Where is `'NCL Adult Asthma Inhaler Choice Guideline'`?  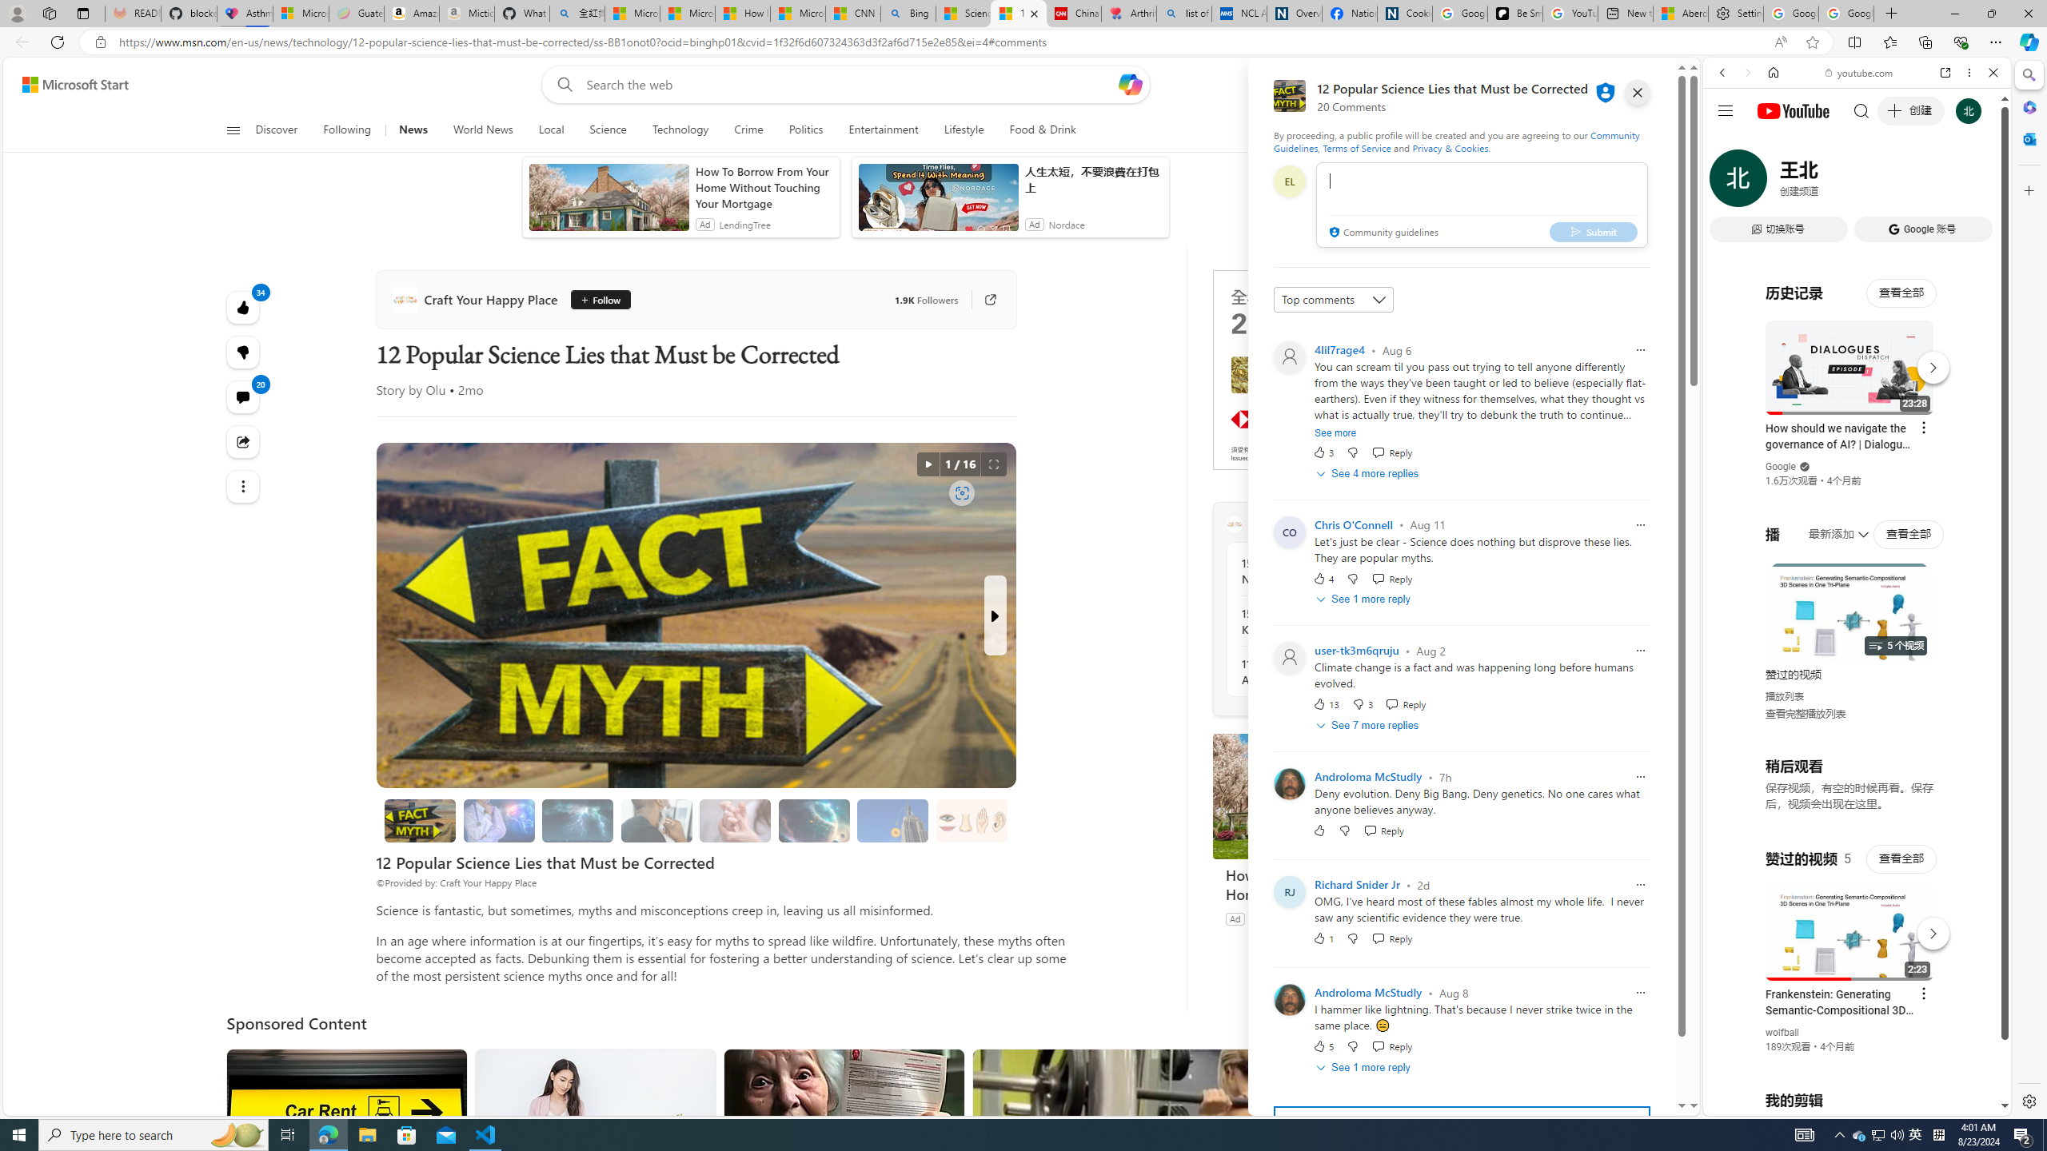
'NCL Adult Asthma Inhaler Choice Guideline' is located at coordinates (1239, 13).